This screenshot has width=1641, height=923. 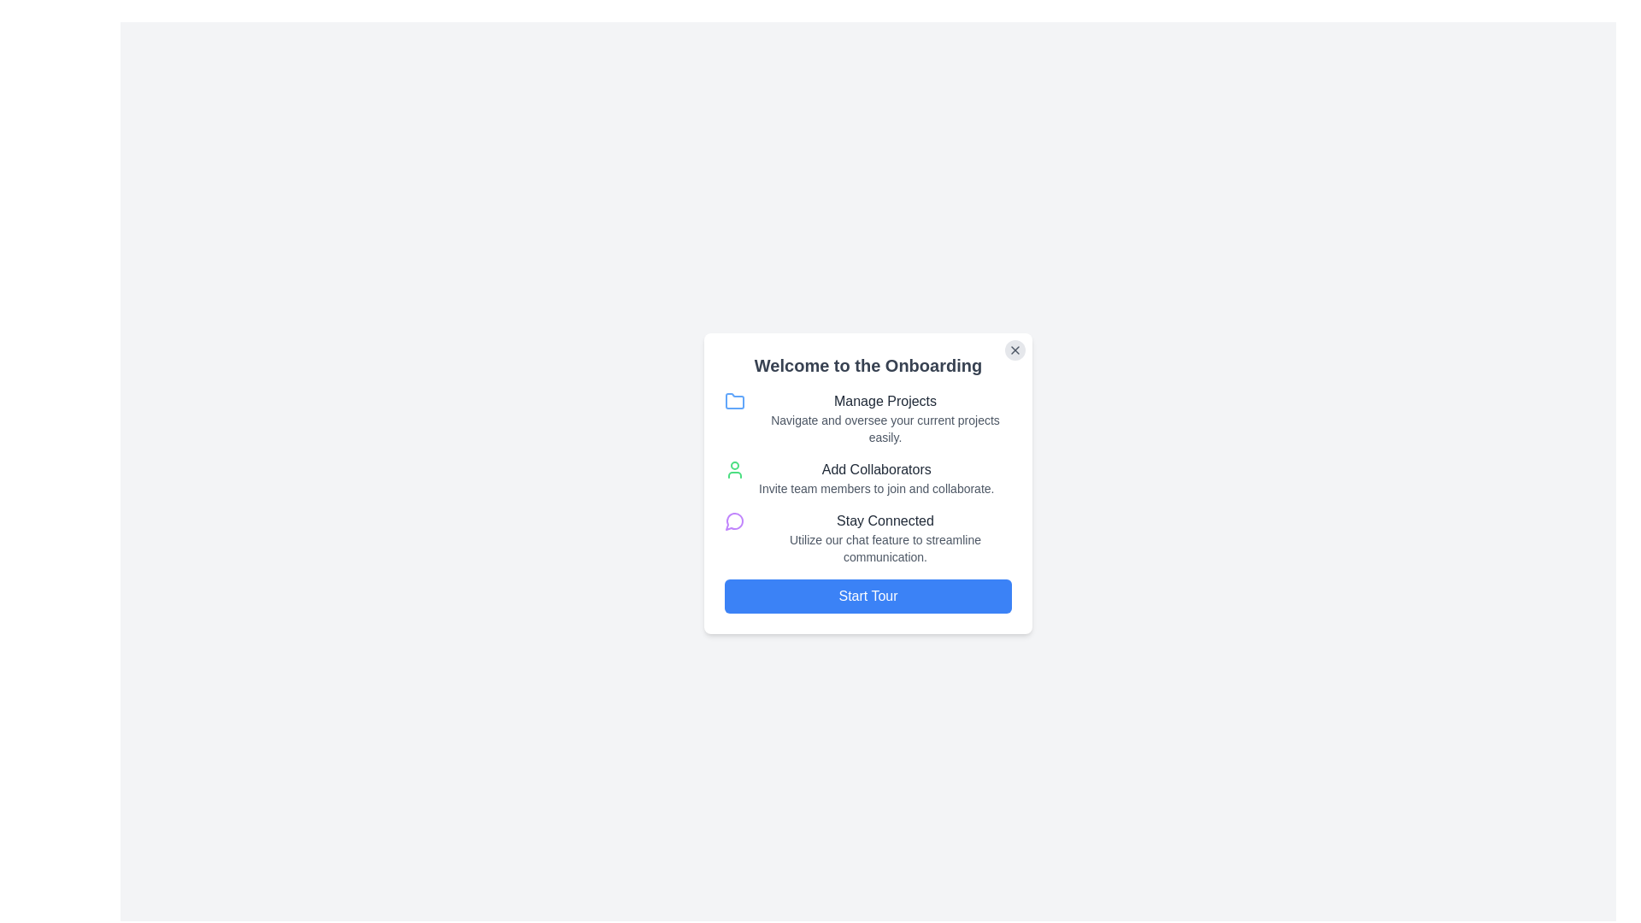 What do you see at coordinates (734, 520) in the screenshot?
I see `the decorative chat icon positioned to the left of the 'Stay Connected' text in the modal dialogue box` at bounding box center [734, 520].